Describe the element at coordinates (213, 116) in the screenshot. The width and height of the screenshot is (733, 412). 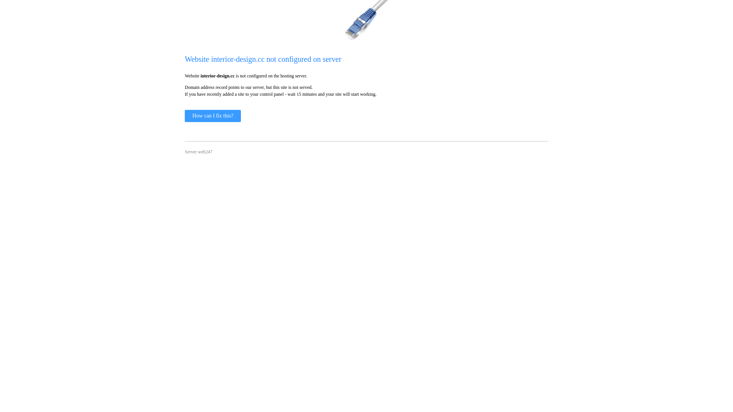
I see `'How can I fix this?'` at that location.